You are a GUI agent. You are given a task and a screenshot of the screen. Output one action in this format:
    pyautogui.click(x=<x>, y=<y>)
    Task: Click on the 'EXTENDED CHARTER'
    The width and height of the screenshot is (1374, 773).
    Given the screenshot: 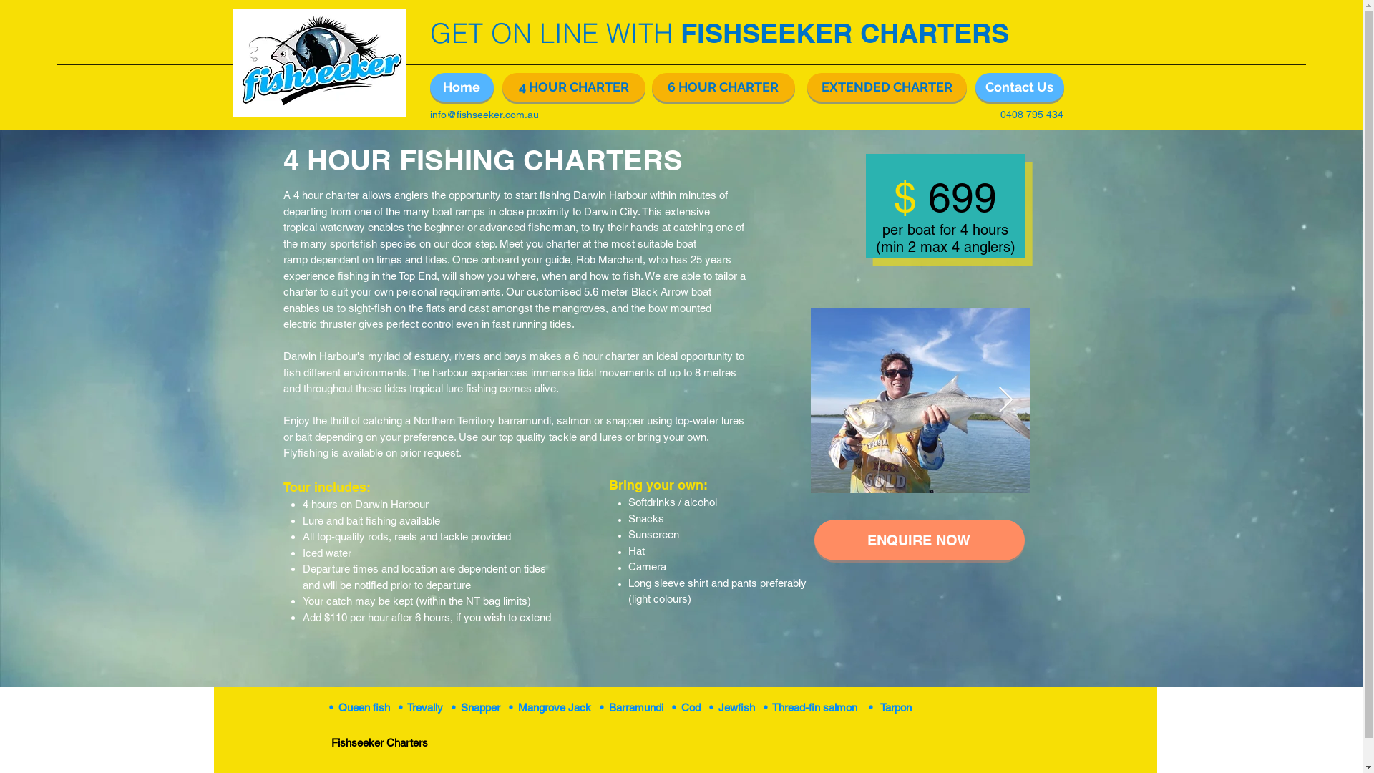 What is the action you would take?
    pyautogui.click(x=886, y=87)
    